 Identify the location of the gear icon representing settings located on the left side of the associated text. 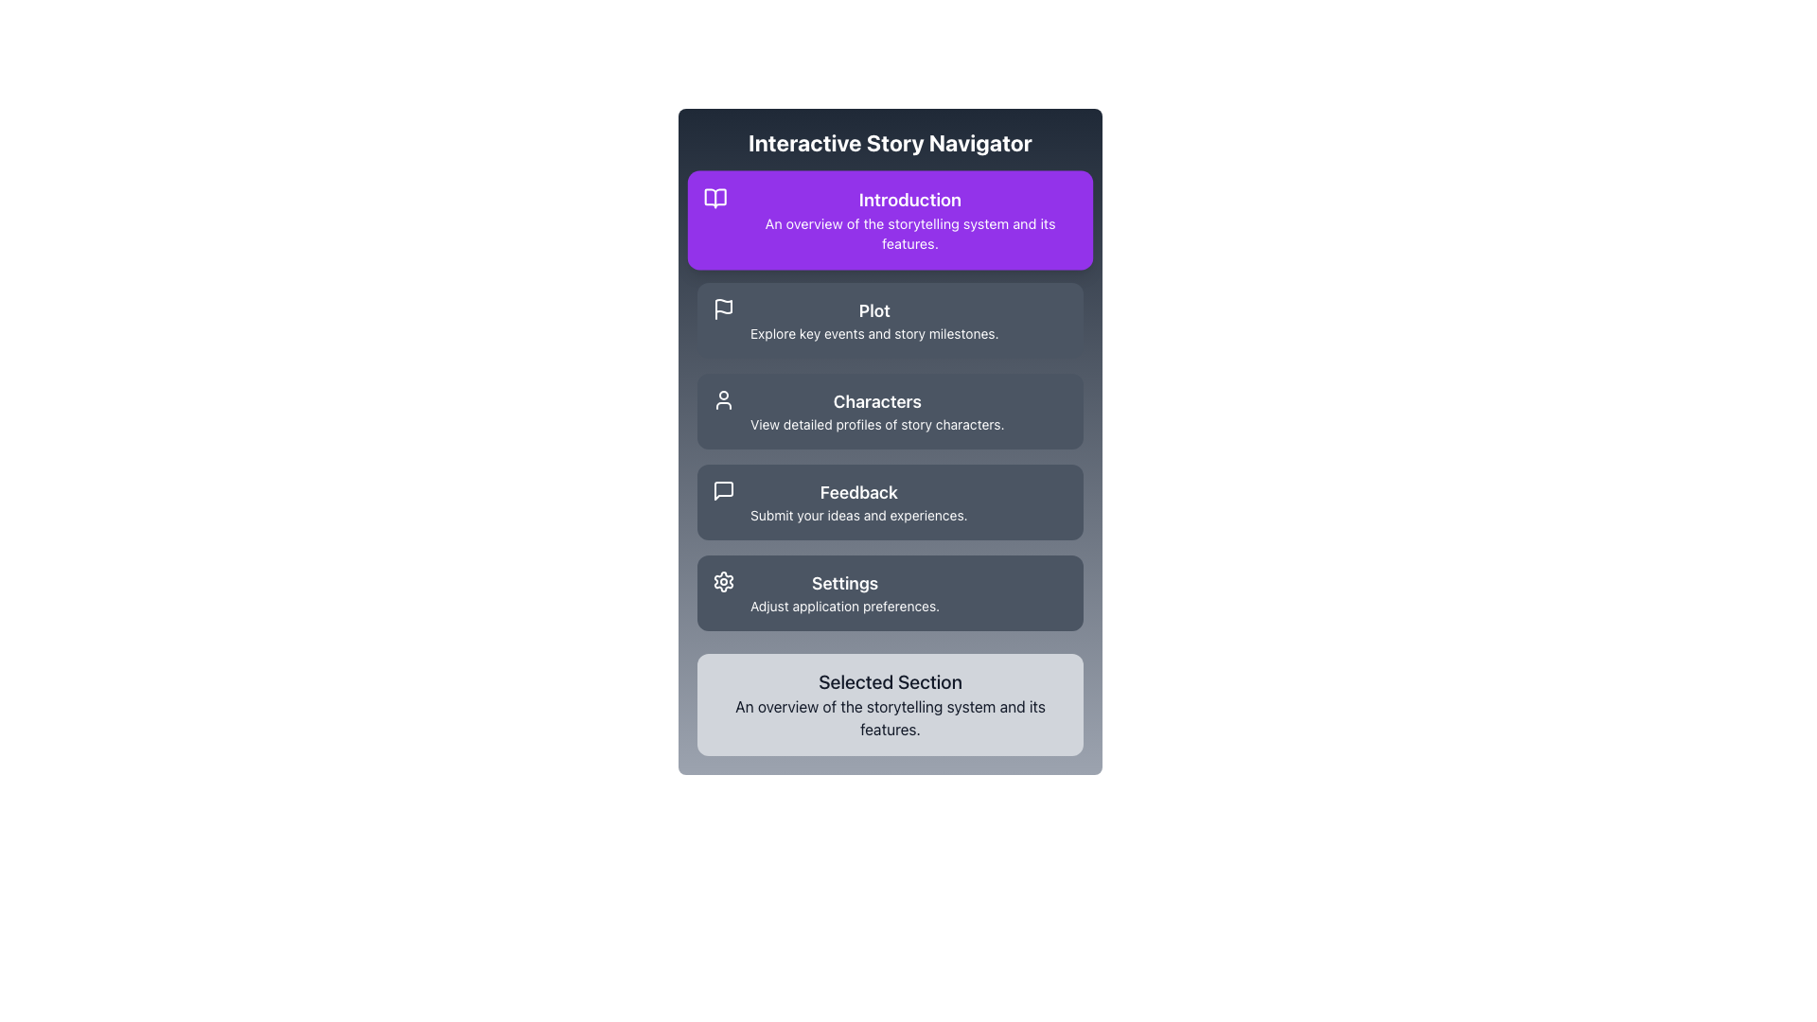
(722, 580).